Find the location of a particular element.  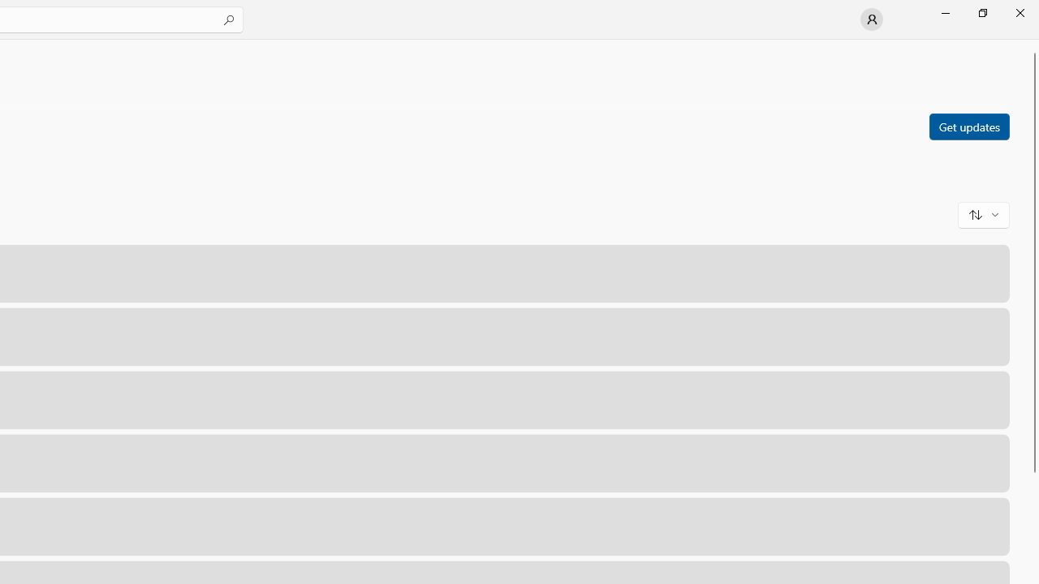

'User profile' is located at coordinates (870, 19).